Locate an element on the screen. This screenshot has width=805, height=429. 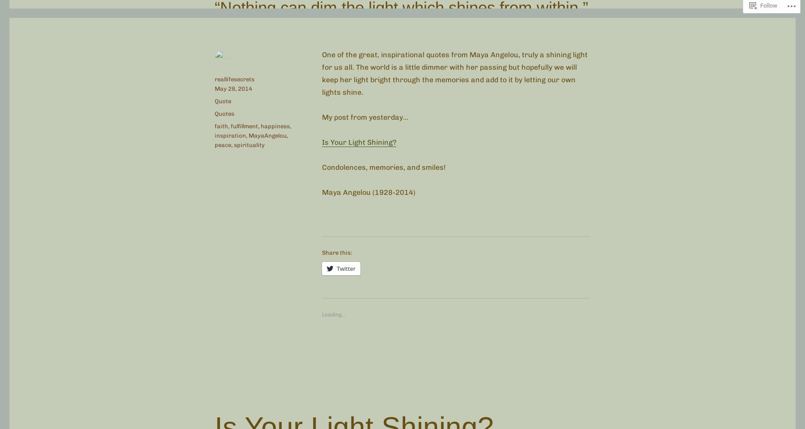
'Follow' is located at coordinates (769, 5).